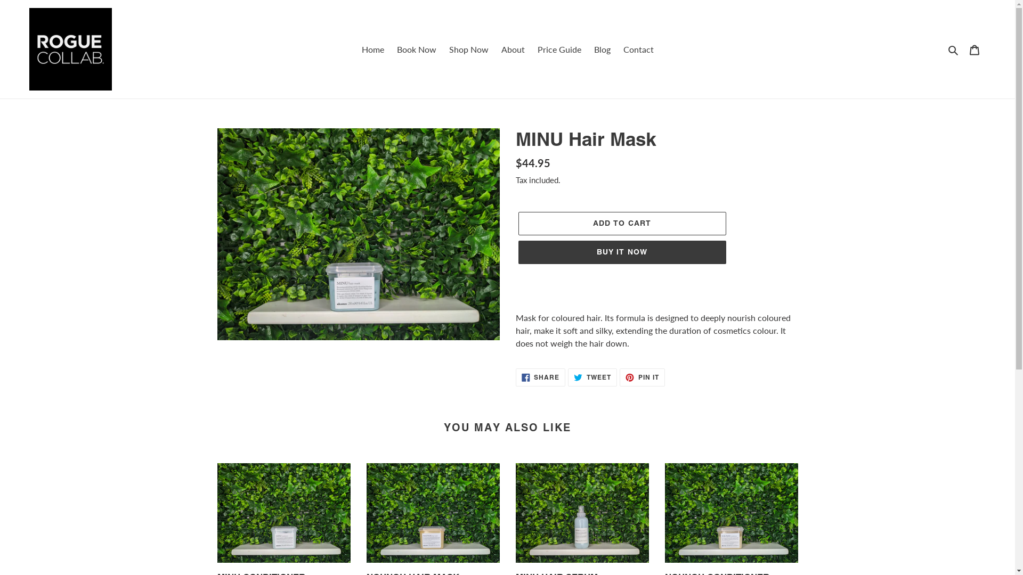  Describe the element at coordinates (592, 377) in the screenshot. I see `'TWEET` at that location.